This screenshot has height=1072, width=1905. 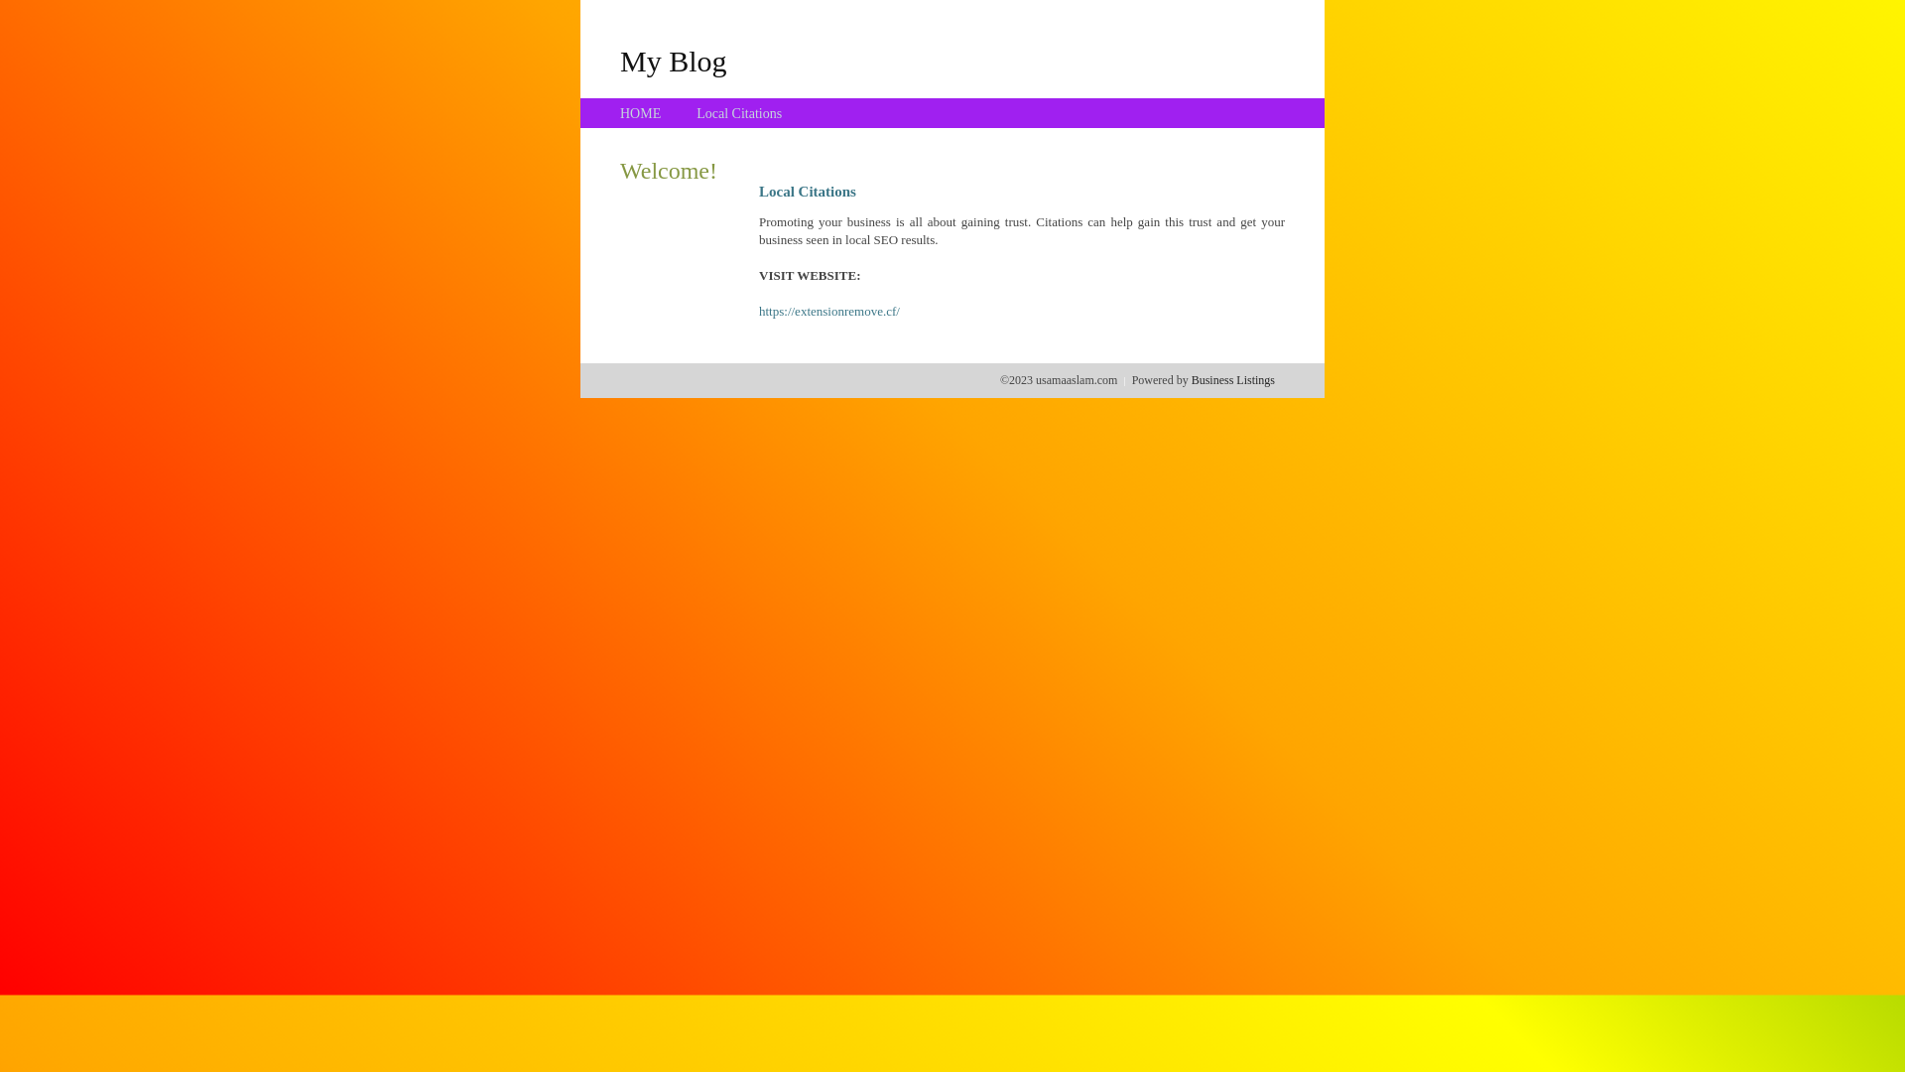 I want to click on 'My Blog', so click(x=673, y=60).